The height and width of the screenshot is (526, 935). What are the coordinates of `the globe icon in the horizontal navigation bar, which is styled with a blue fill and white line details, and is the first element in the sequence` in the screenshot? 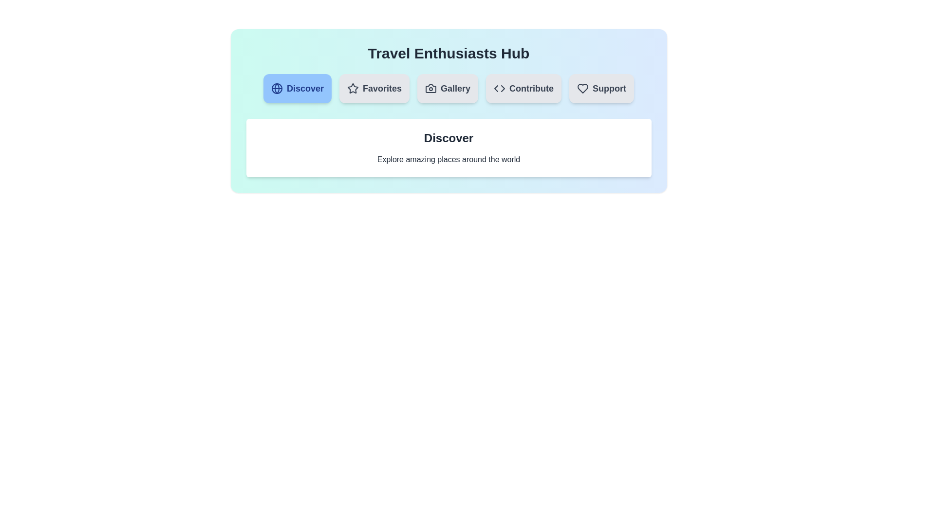 It's located at (276, 88).